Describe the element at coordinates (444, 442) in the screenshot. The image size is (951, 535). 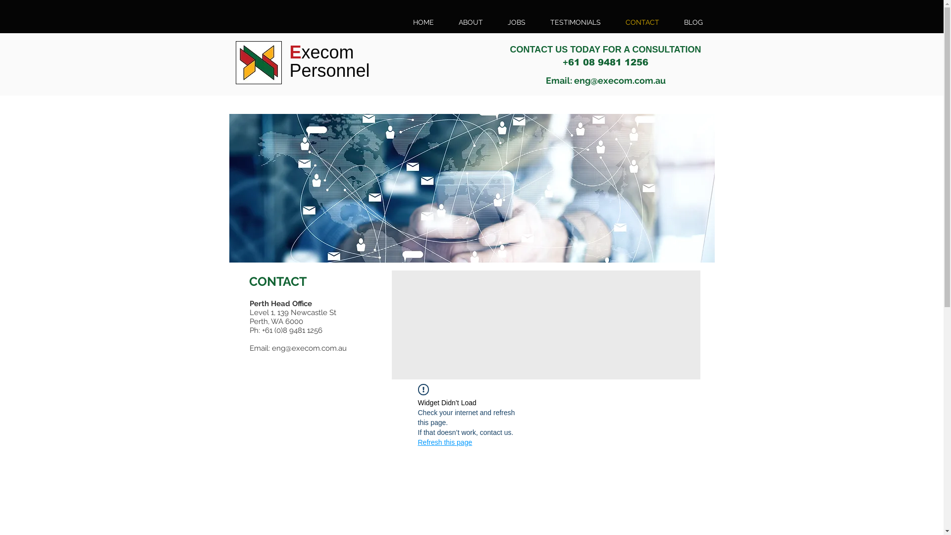
I see `'Refresh this page'` at that location.